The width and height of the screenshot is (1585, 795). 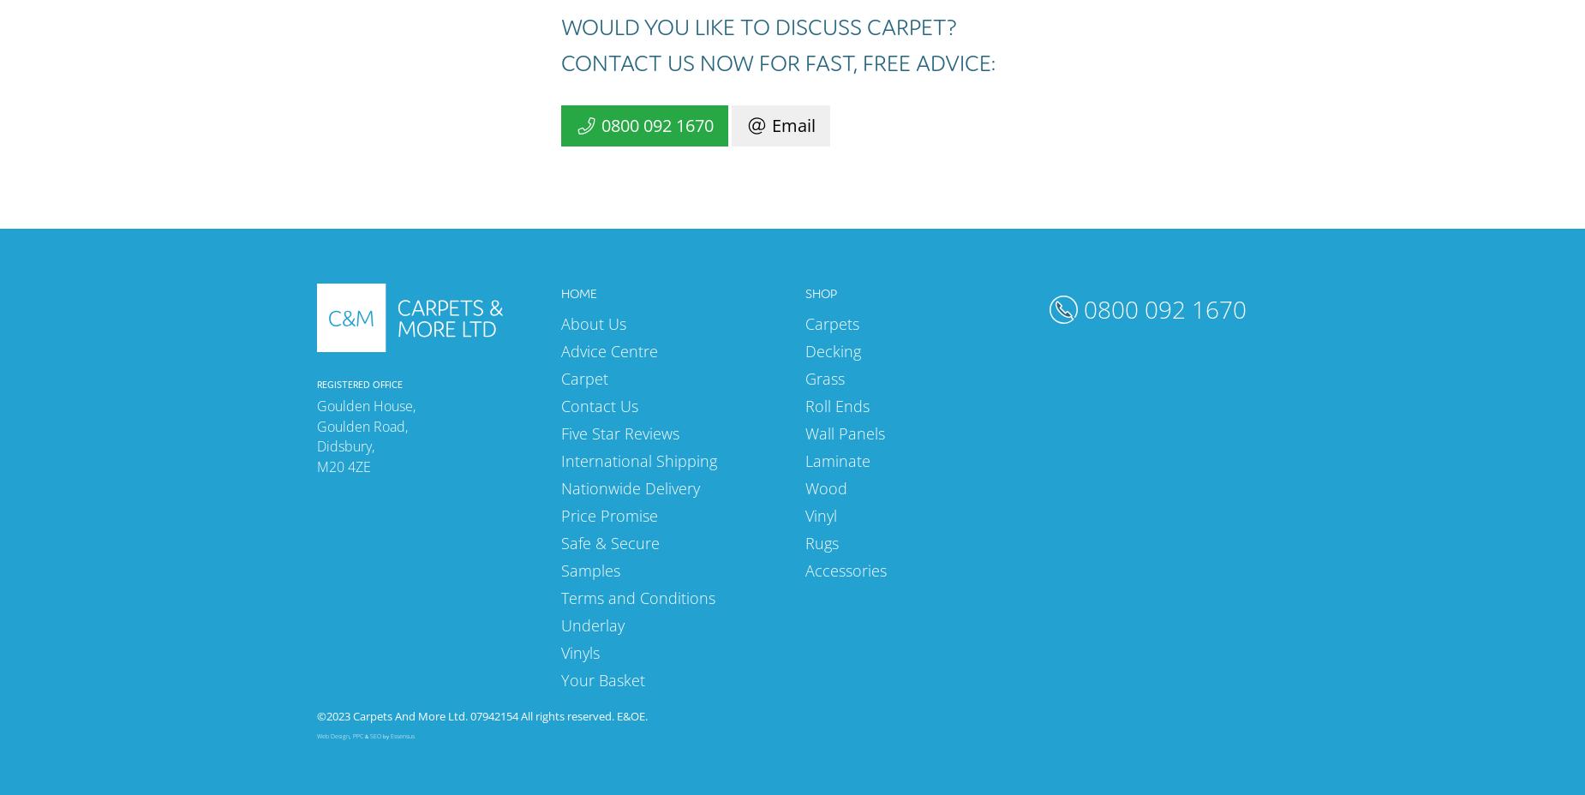 I want to click on 'Carpets', so click(x=831, y=322).